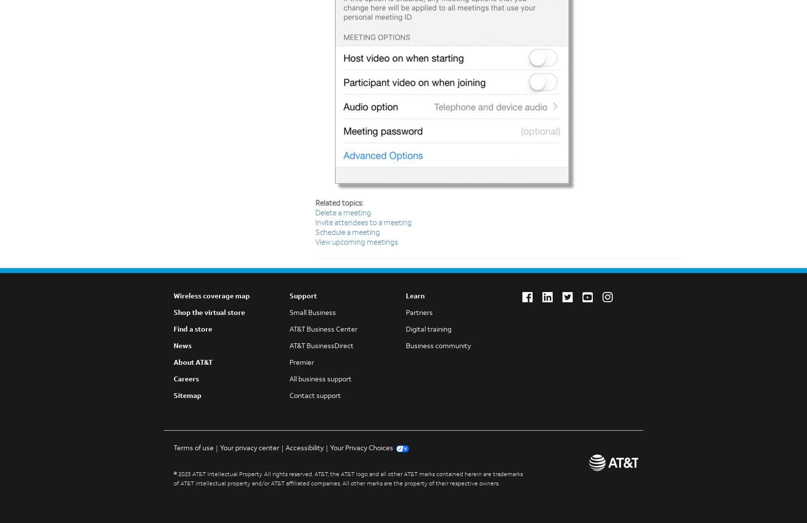 This screenshot has height=523, width=807. What do you see at coordinates (323, 329) in the screenshot?
I see `'AT&T Business Center'` at bounding box center [323, 329].